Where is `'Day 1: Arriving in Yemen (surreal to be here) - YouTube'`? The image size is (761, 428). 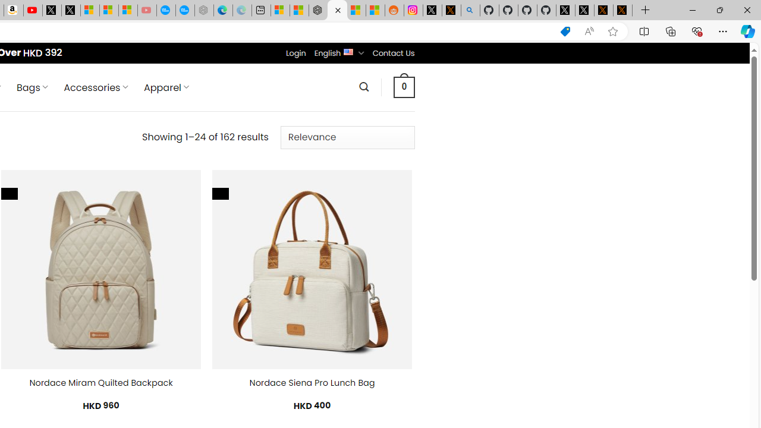 'Day 1: Arriving in Yemen (surreal to be here) - YouTube' is located at coordinates (33, 10).